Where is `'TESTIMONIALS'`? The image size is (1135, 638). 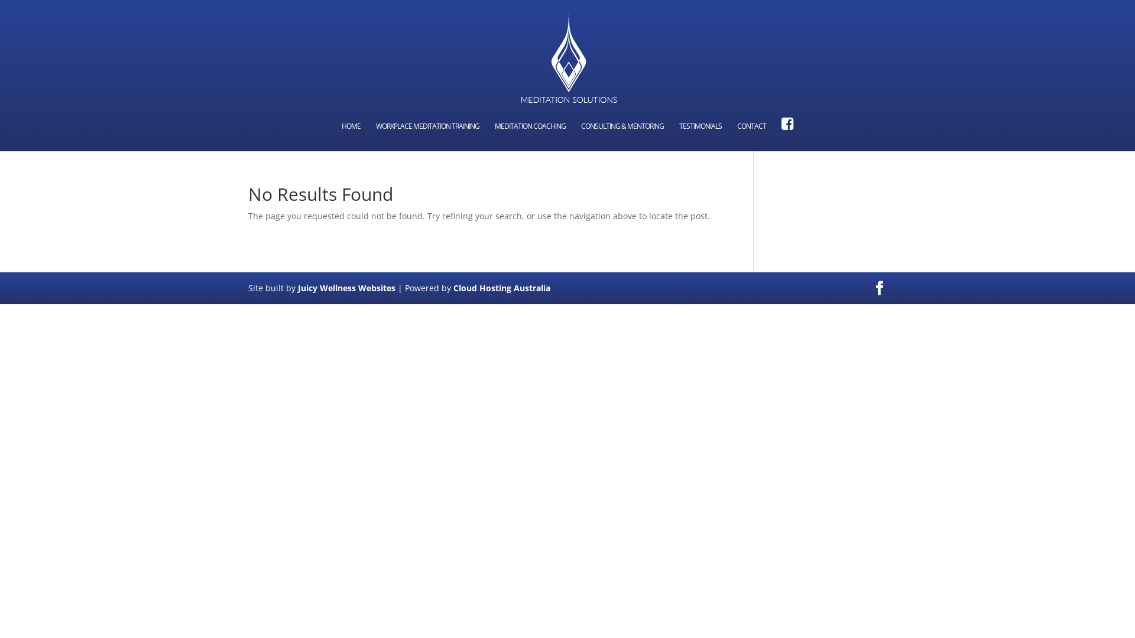
'TESTIMONIALS' is located at coordinates (701, 136).